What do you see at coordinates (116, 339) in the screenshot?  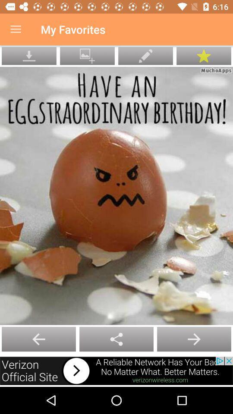 I see `the arrow_backward icon` at bounding box center [116, 339].